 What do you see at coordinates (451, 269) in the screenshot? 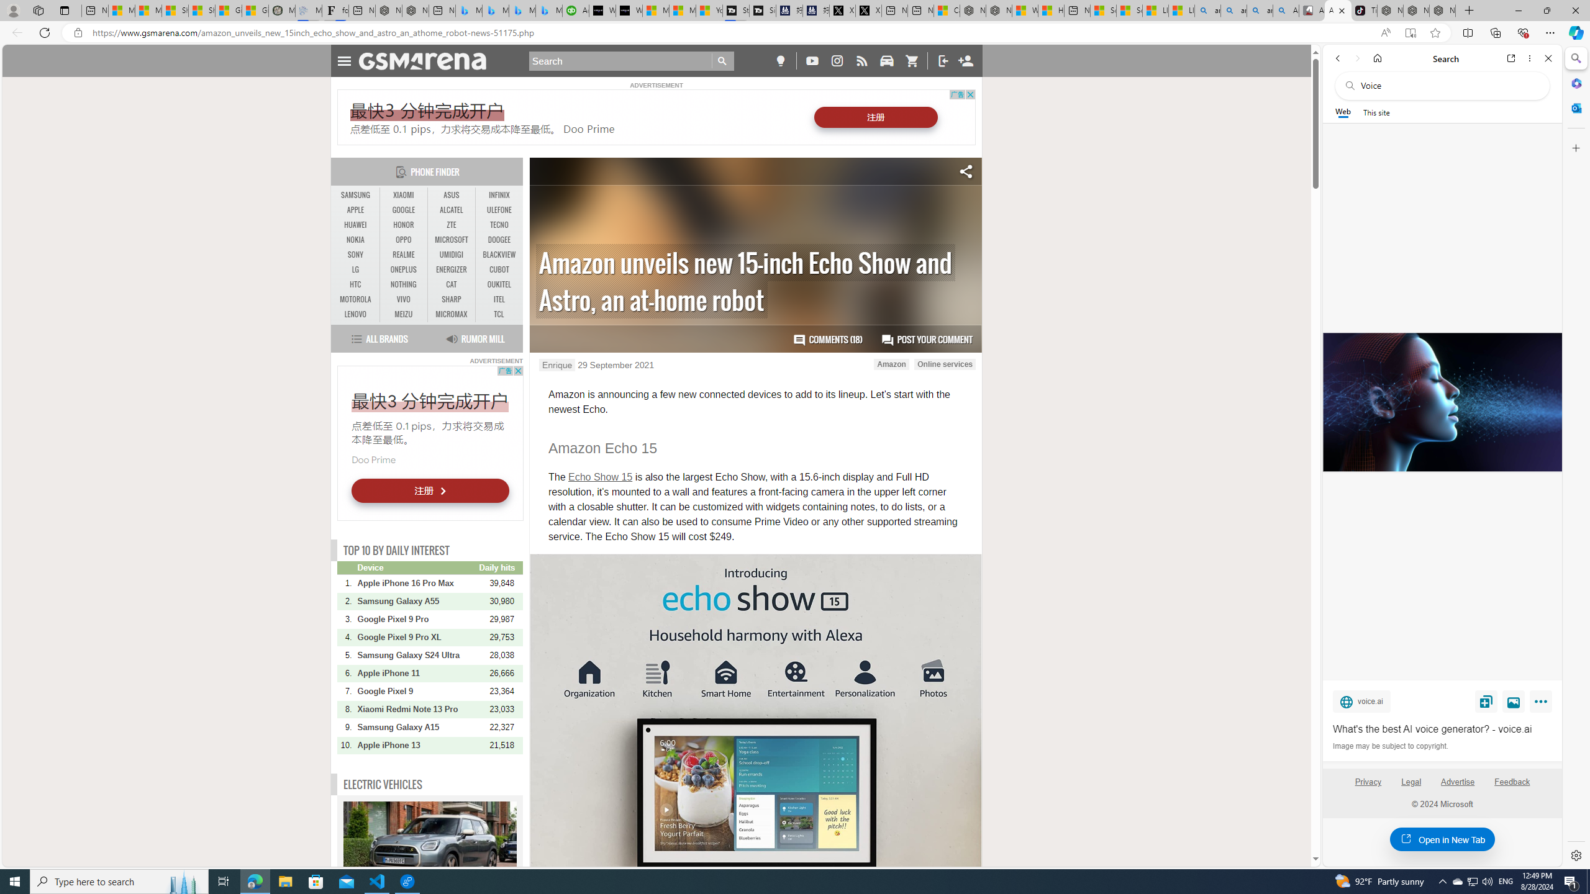
I see `'ENERGIZER'` at bounding box center [451, 269].